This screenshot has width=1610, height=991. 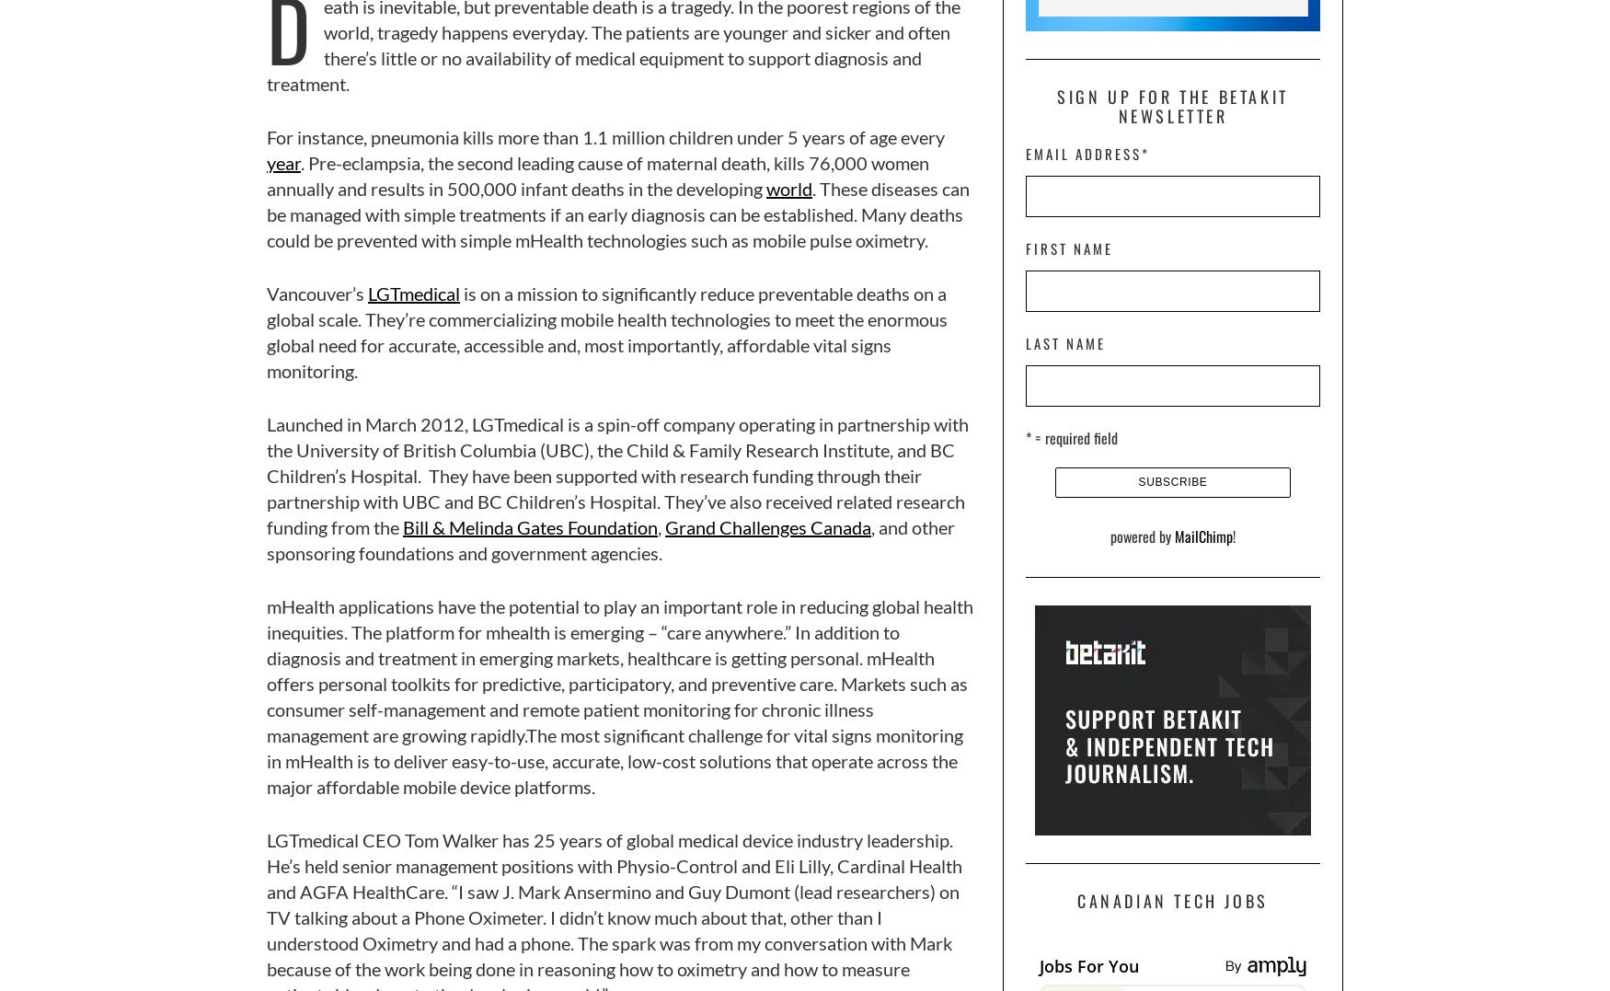 I want to click on '* = required field', so click(x=1070, y=436).